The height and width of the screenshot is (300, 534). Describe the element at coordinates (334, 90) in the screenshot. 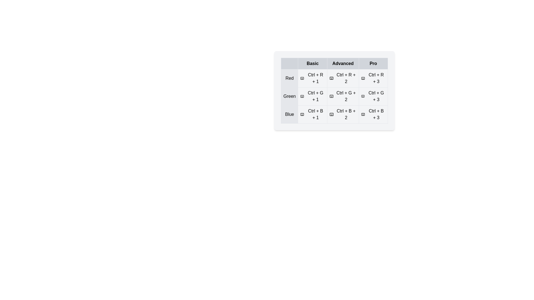

I see `the content of the table cell located in the second row under the 'Green' category and the second column under the 'Advanced' title, which indicates the command 'Ctrl + G + 2'` at that location.